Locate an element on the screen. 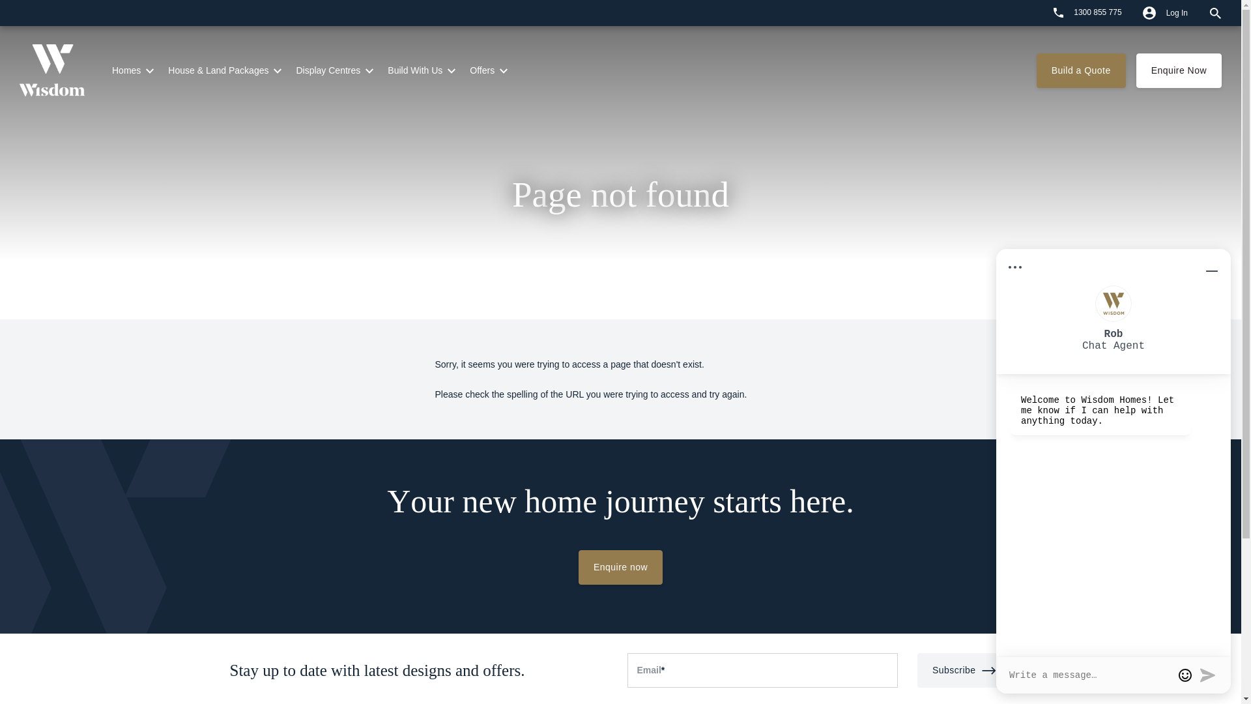 The height and width of the screenshot is (704, 1251). 'Offers' is located at coordinates (481, 70).